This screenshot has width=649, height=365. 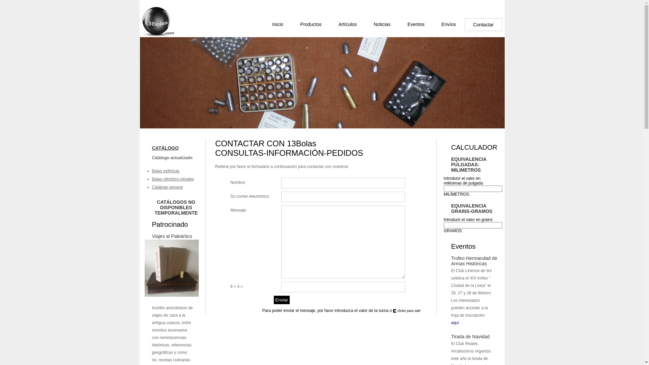 What do you see at coordinates (415, 24) in the screenshot?
I see `'Eventos'` at bounding box center [415, 24].